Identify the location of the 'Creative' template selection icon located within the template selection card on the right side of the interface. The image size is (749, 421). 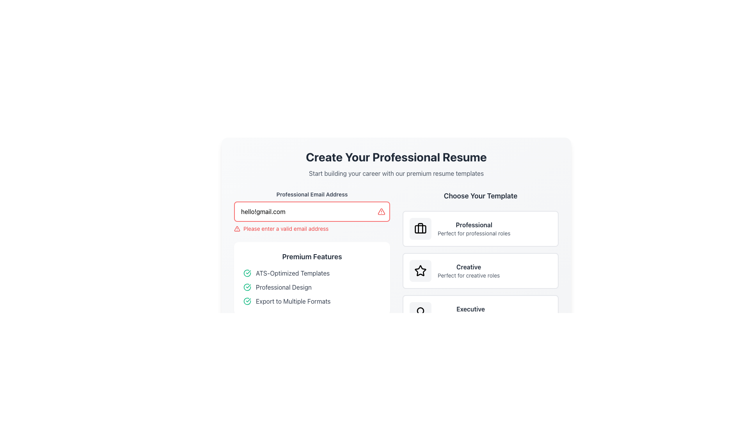
(420, 270).